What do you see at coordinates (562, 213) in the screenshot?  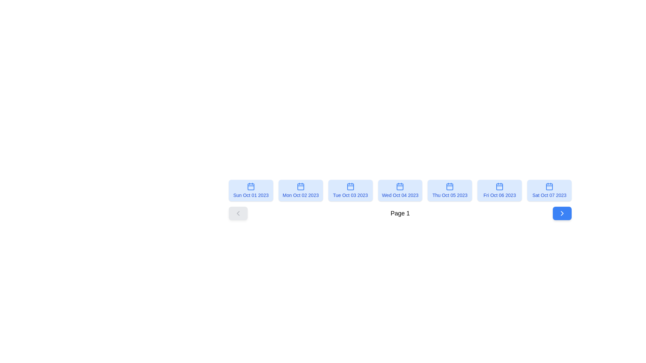 I see `the right-pointing chevron icon located within the blue rounded rectangular button at the extreme right of a horizontal sequence of calendar buttons` at bounding box center [562, 213].